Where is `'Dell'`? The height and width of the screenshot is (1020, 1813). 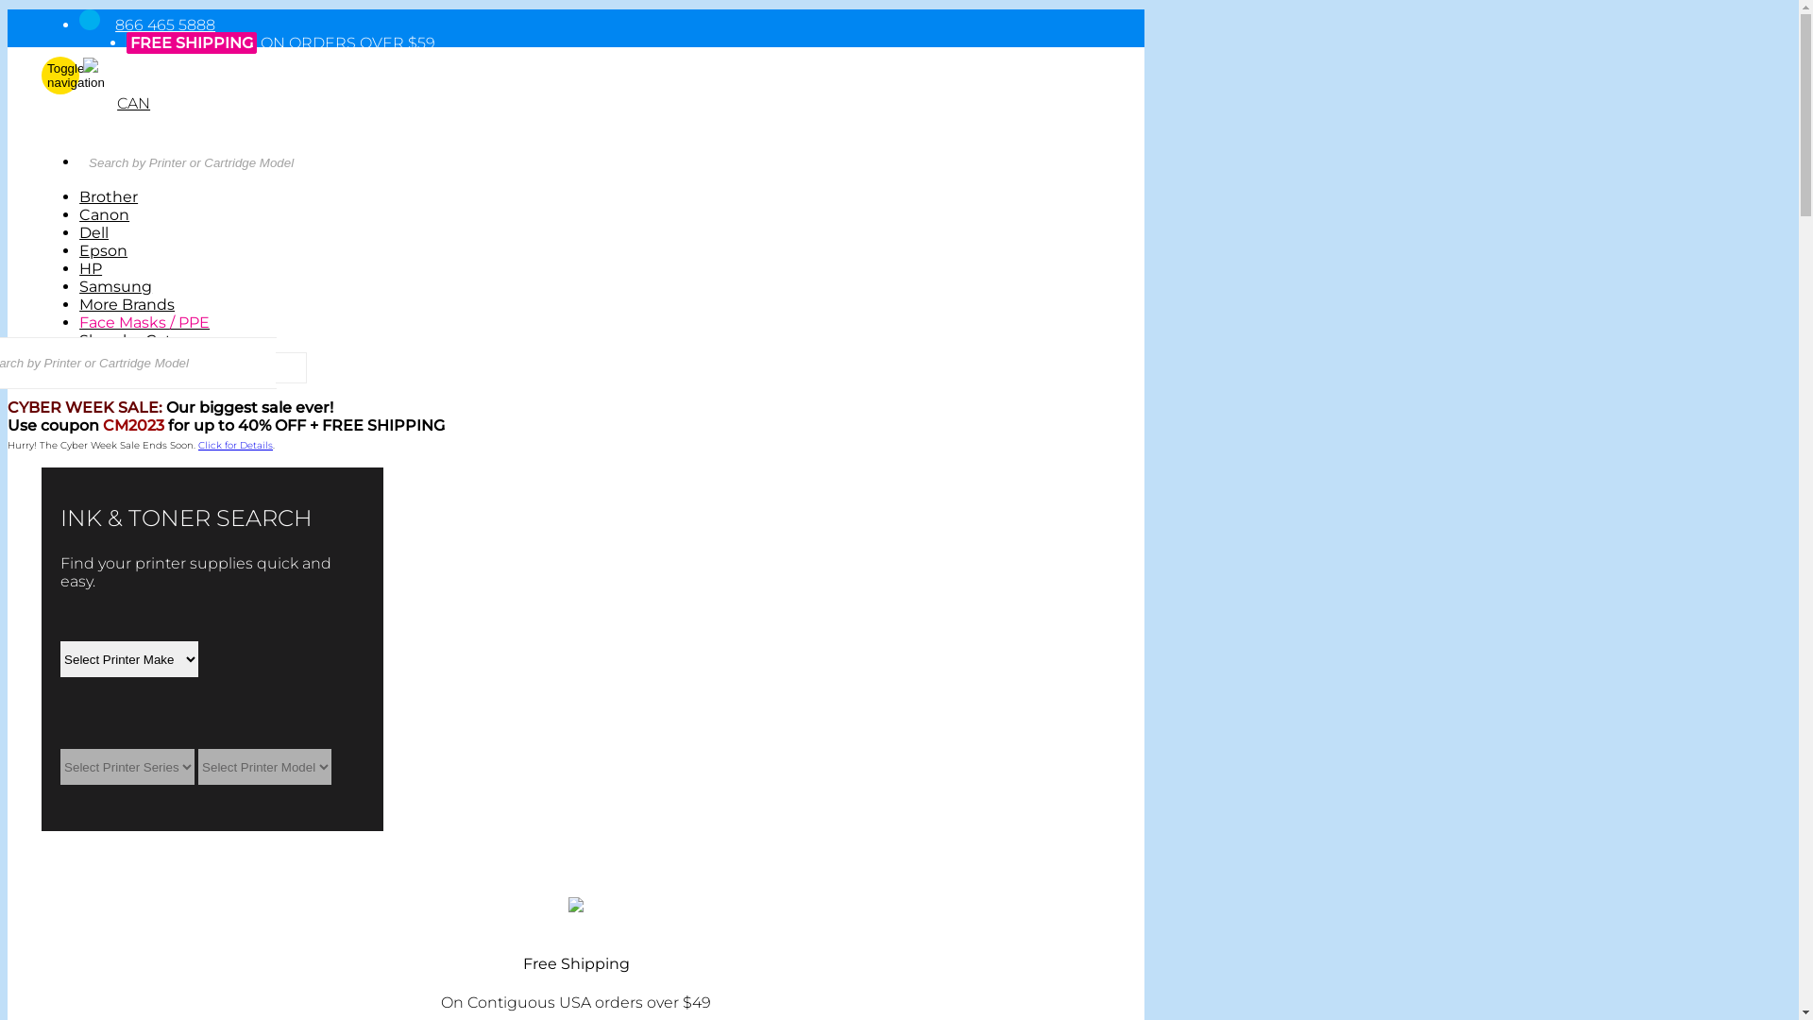 'Dell' is located at coordinates (93, 231).